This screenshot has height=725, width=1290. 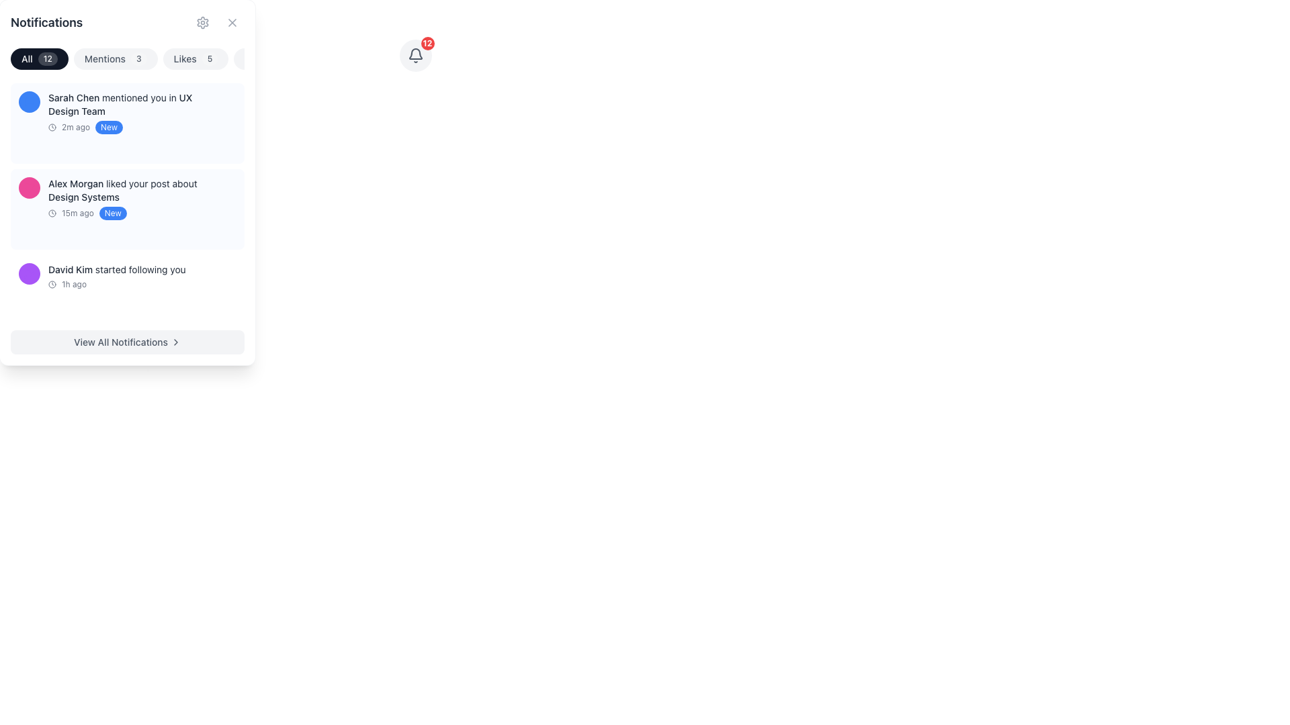 What do you see at coordinates (415, 53) in the screenshot?
I see `the bell icon located in the top-right corner of the interface, which is styled in a neutral color and represents notifications` at bounding box center [415, 53].